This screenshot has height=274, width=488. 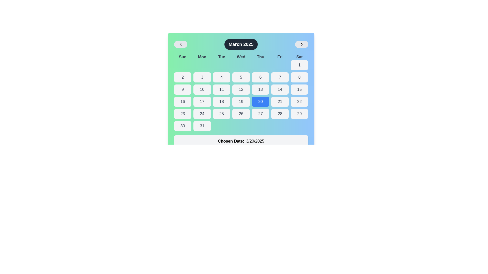 What do you see at coordinates (182, 113) in the screenshot?
I see `the button displaying the number '23' in dark gray text, which is part of a calendar grid located in the sixth row and first column` at bounding box center [182, 113].